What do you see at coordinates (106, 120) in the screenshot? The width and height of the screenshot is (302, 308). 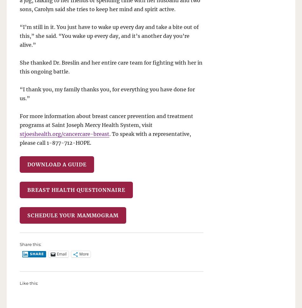 I see `'For more information about breast cancer prevention and treatment programs at Saint Joseph Mercy Health System, visit'` at bounding box center [106, 120].